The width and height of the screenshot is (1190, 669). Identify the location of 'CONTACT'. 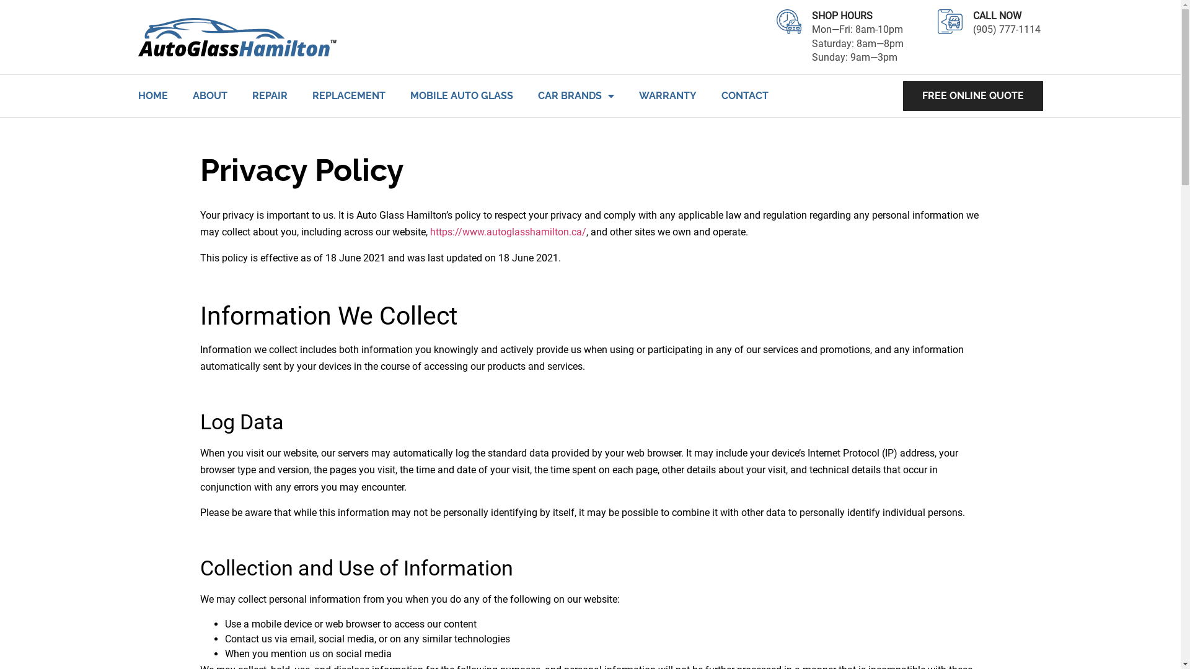
(744, 95).